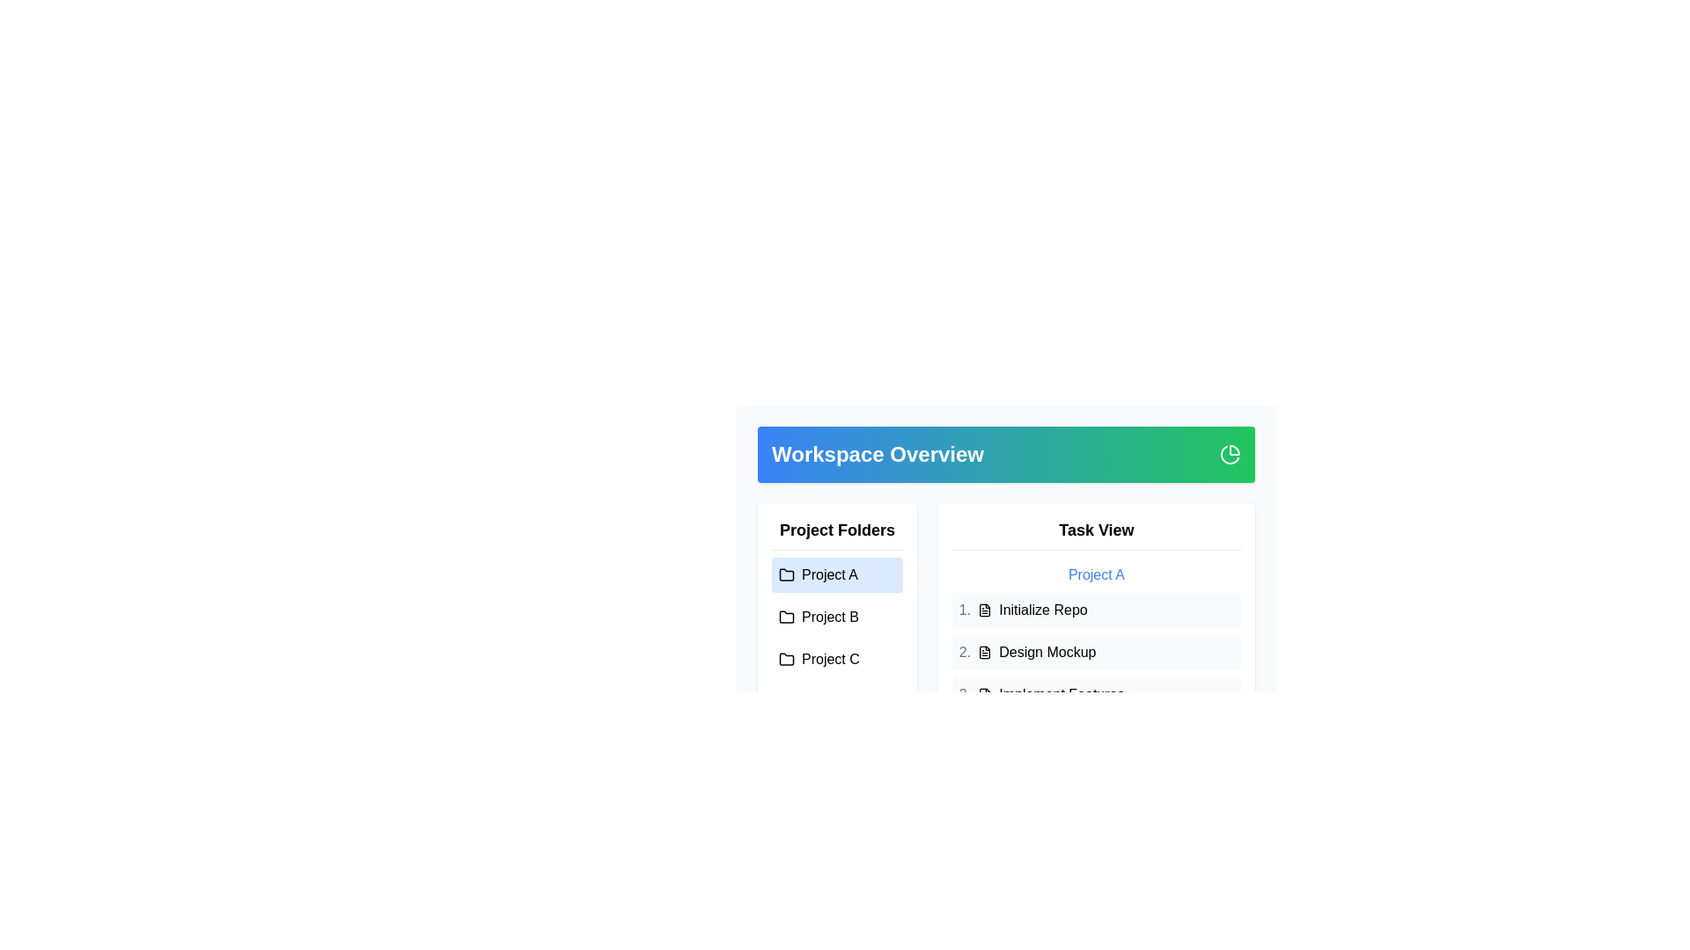  What do you see at coordinates (984, 610) in the screenshot?
I see `the document icon located in the 'Task View' section, which is to the left of the text 'Initialize Repo'` at bounding box center [984, 610].